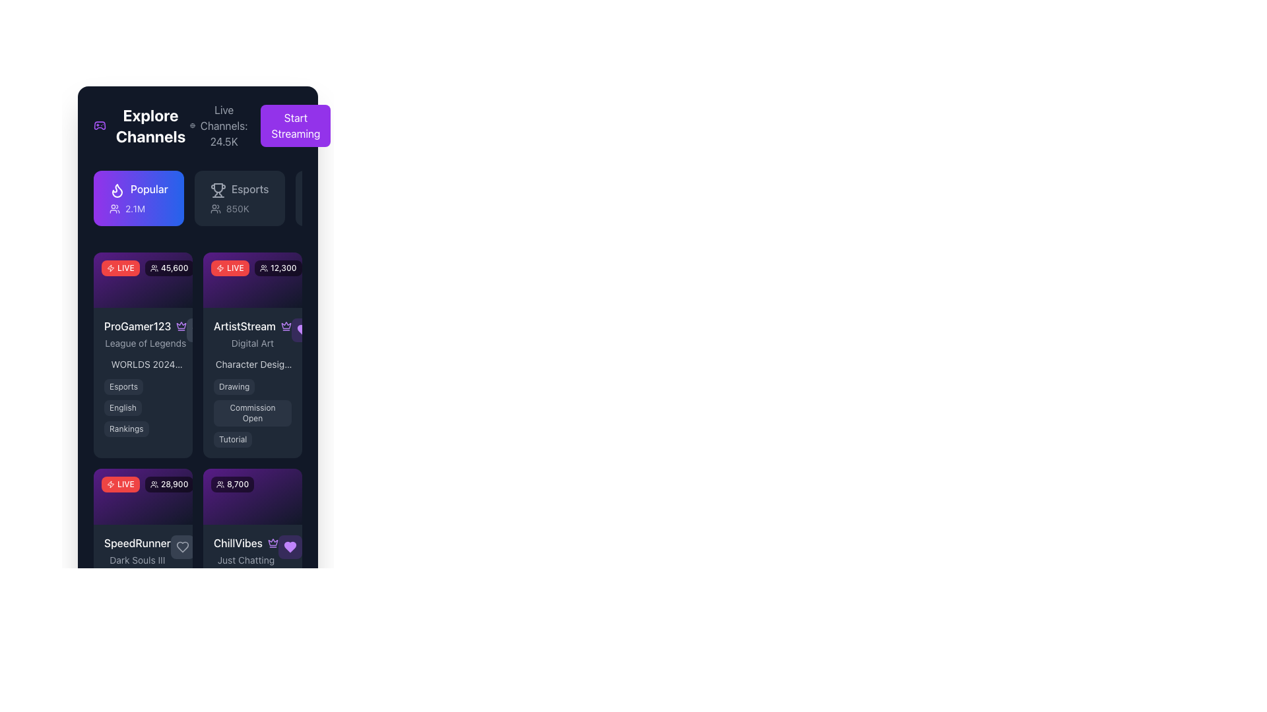 This screenshot has height=712, width=1267. I want to click on the title 'ArtistStream' in white font, so click(253, 333).